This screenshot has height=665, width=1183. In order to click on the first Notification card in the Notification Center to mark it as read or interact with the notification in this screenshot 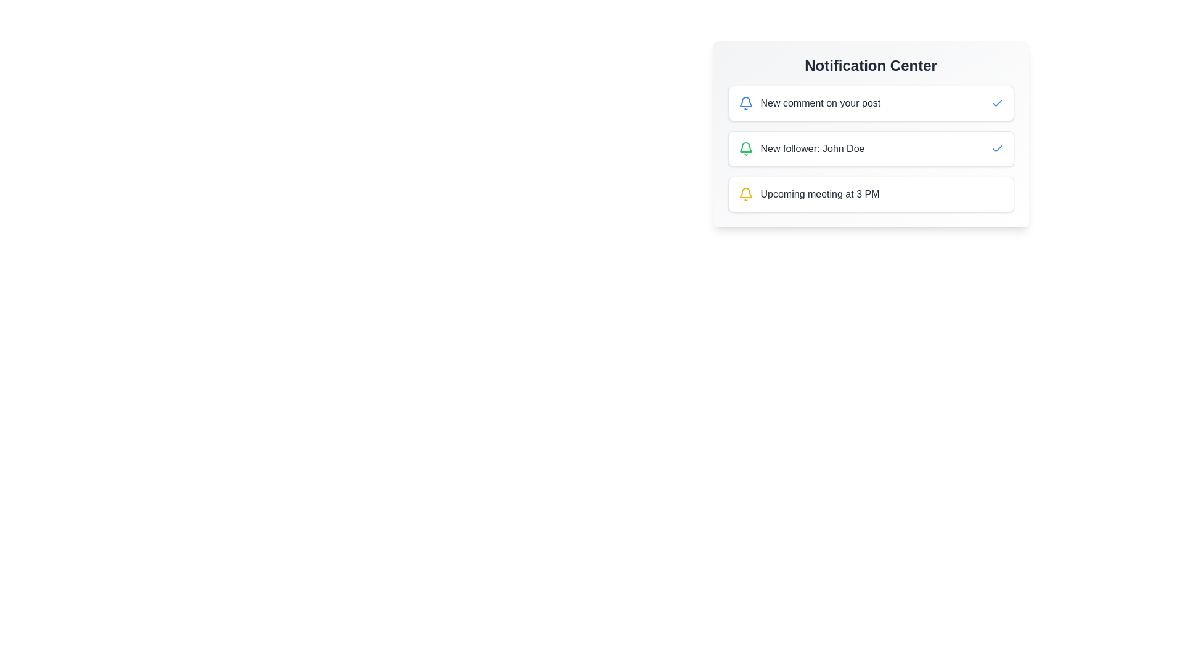, I will do `click(870, 103)`.